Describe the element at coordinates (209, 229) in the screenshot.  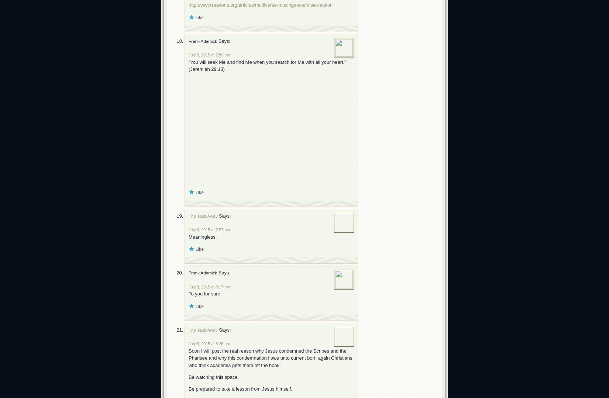
I see `'July 9, 2015 at 7:57 pm'` at that location.